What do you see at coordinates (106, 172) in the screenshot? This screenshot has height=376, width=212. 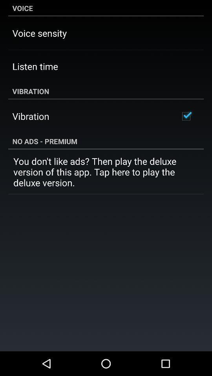 I see `the you don t icon` at bounding box center [106, 172].